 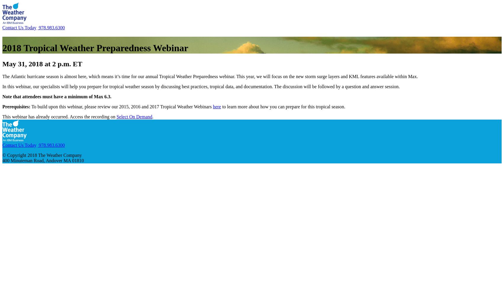 What do you see at coordinates (121, 106) in the screenshot?
I see `'To build upon this webinar, please review our 2015, 2016 and 2017 Tropical Weather Webinars'` at bounding box center [121, 106].